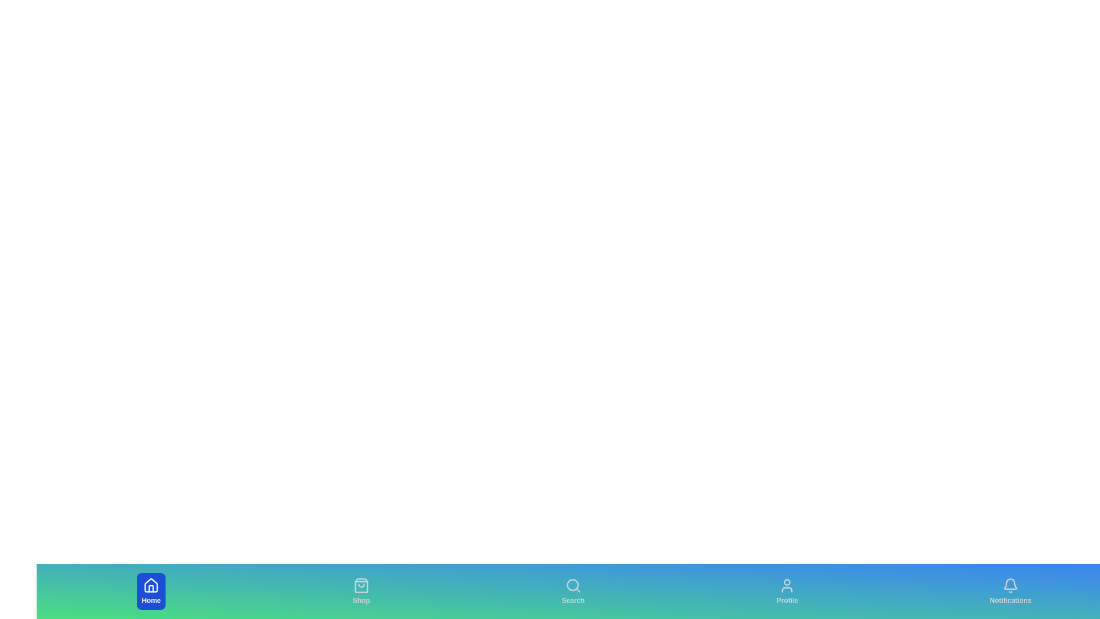  Describe the element at coordinates (1011, 591) in the screenshot. I see `the Notifications tab to select it` at that location.